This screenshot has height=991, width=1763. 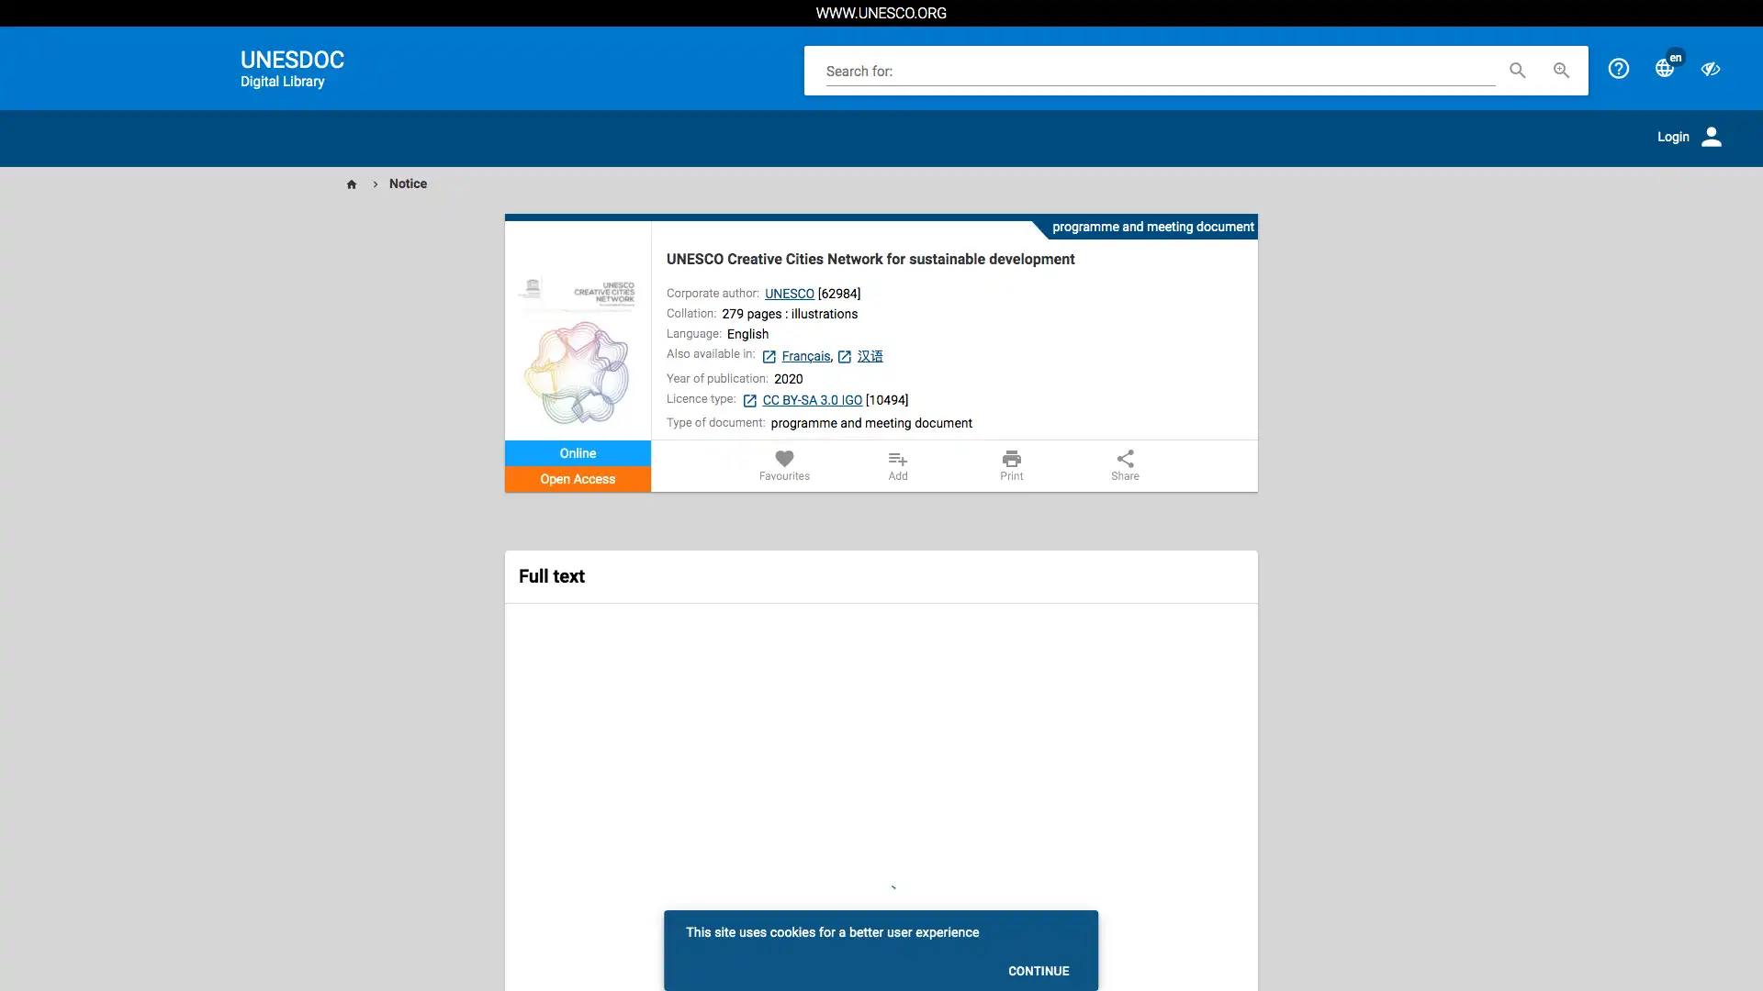 I want to click on Share, so click(x=1123, y=465).